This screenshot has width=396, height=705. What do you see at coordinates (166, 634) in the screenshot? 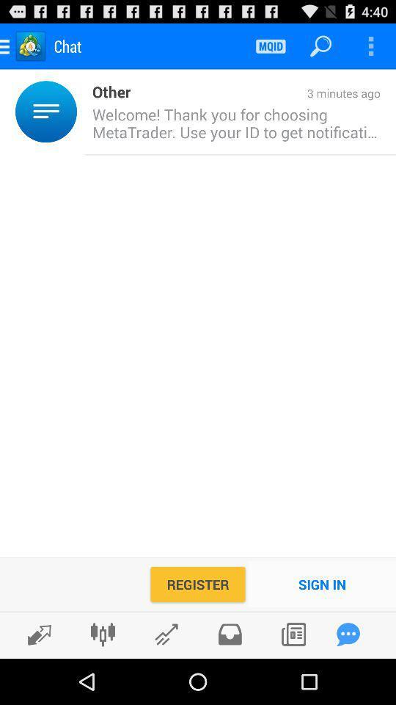
I see `see stocks` at bounding box center [166, 634].